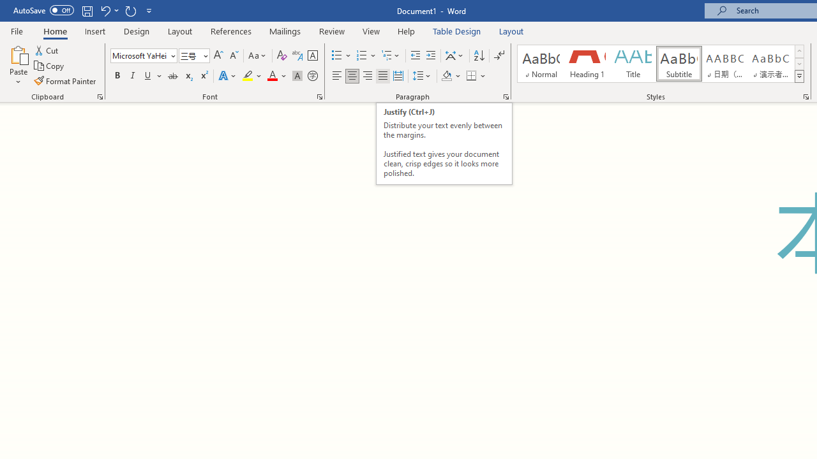 Image resolution: width=817 pixels, height=459 pixels. I want to click on 'Text Effects and Typography', so click(228, 76).